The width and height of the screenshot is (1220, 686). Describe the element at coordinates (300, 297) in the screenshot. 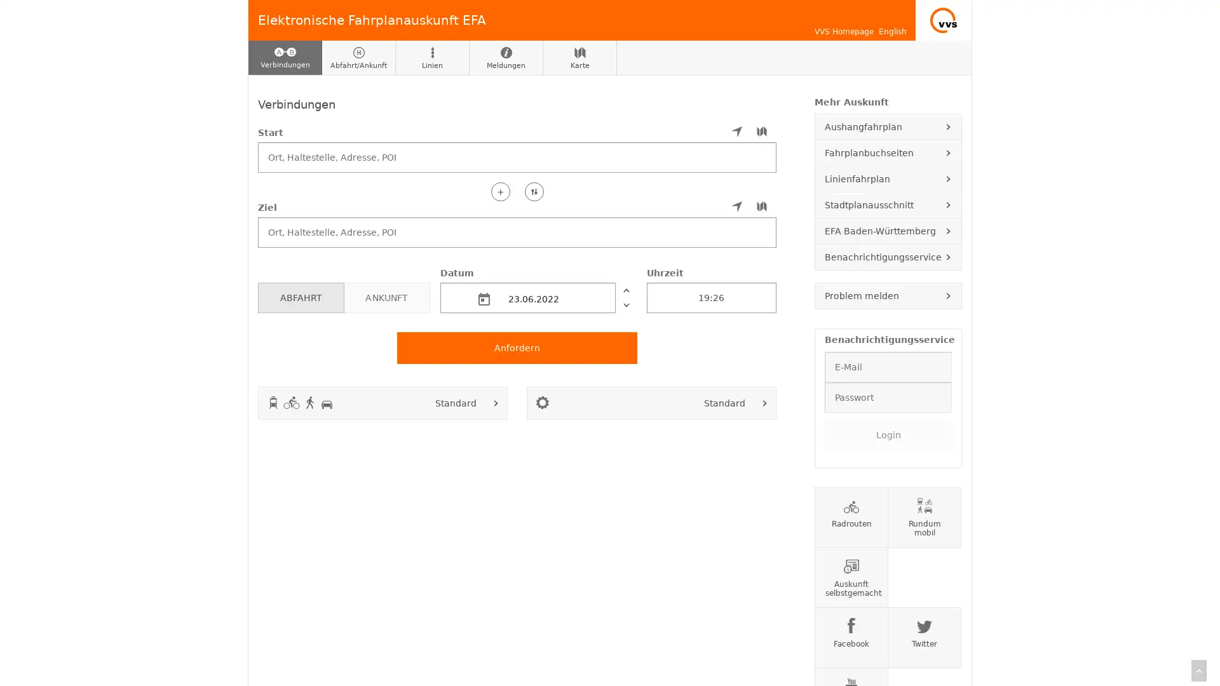

I see `ABFAHRT` at that location.